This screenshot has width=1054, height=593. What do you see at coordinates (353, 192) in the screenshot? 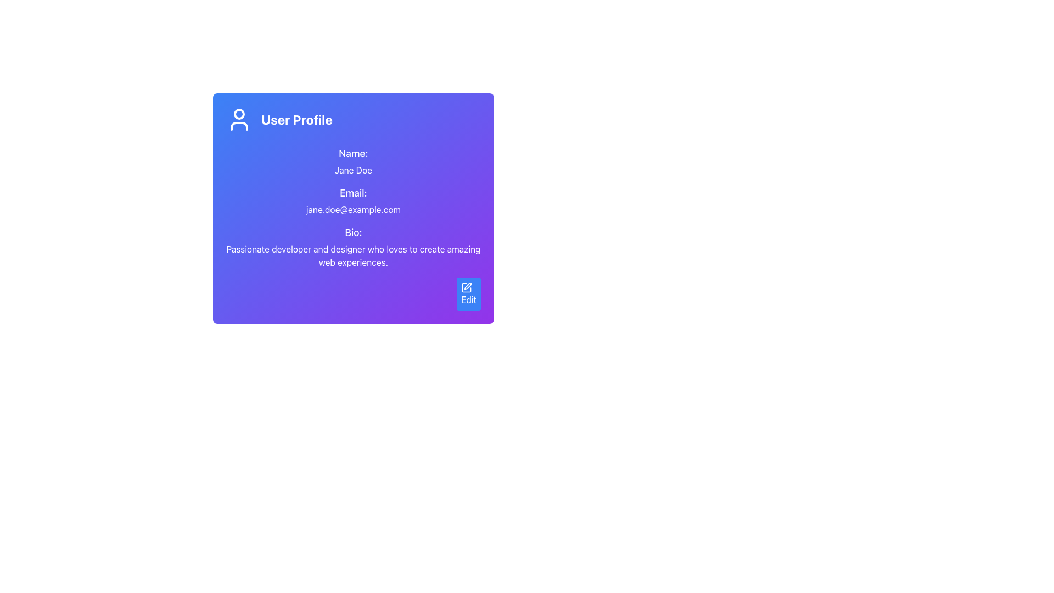
I see `text label that displays 'Email:' which is styled in bold font and part of the user profile summary, located below the 'Name:' field and above the email address` at bounding box center [353, 192].